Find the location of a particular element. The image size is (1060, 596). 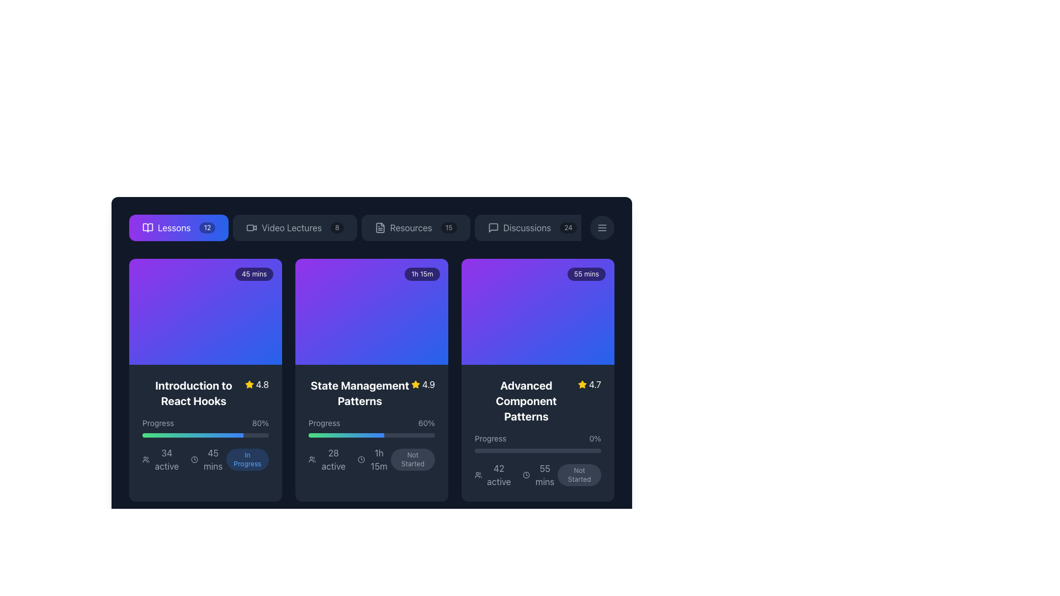

the Rating display showing '4.7' for the 'Advanced Component Patterns' section is located at coordinates (589, 384).